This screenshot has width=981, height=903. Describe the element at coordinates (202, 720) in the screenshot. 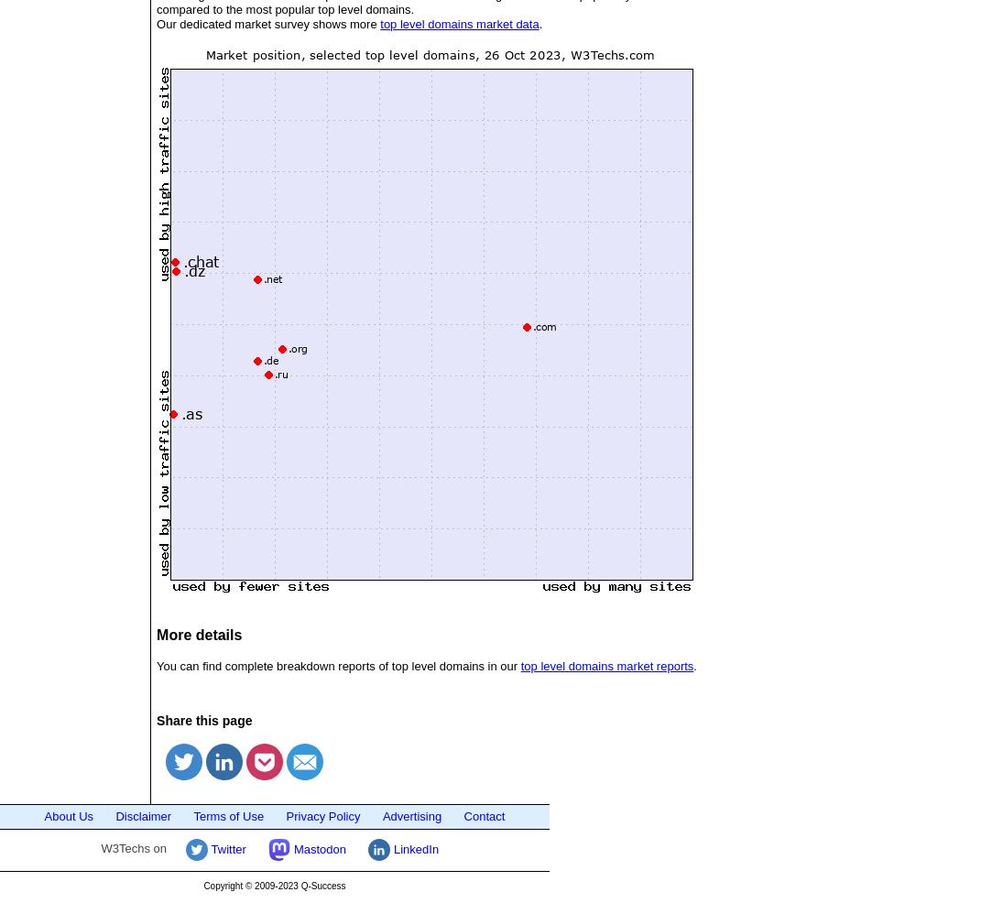

I see `'Share this page'` at that location.